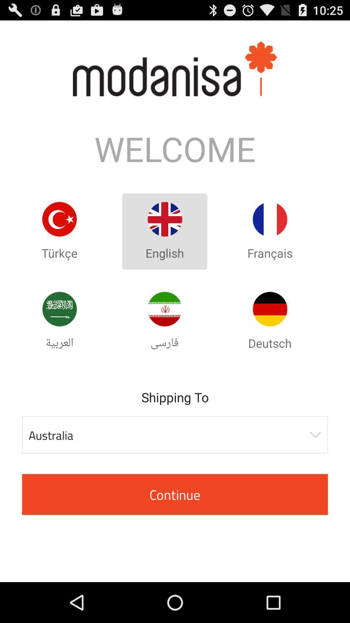  I want to click on switch language to arabic, so click(59, 309).